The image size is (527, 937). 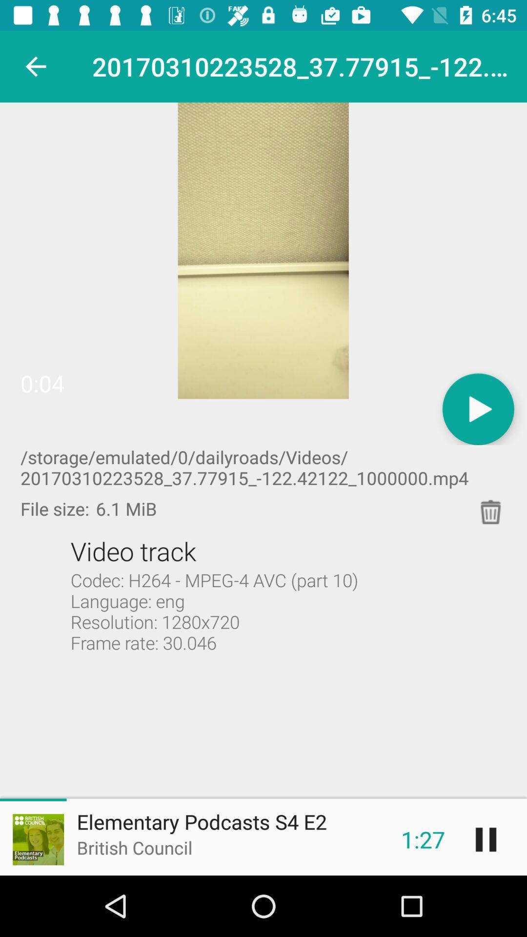 I want to click on the pause icon, so click(x=486, y=839).